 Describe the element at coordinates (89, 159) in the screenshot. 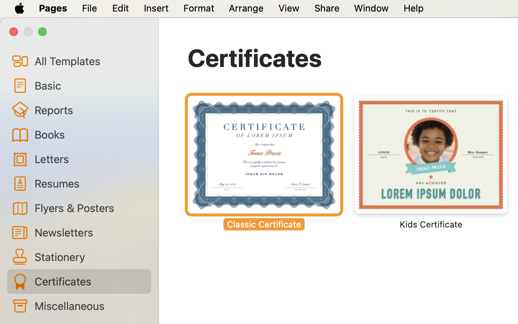

I see `'Letters'` at that location.